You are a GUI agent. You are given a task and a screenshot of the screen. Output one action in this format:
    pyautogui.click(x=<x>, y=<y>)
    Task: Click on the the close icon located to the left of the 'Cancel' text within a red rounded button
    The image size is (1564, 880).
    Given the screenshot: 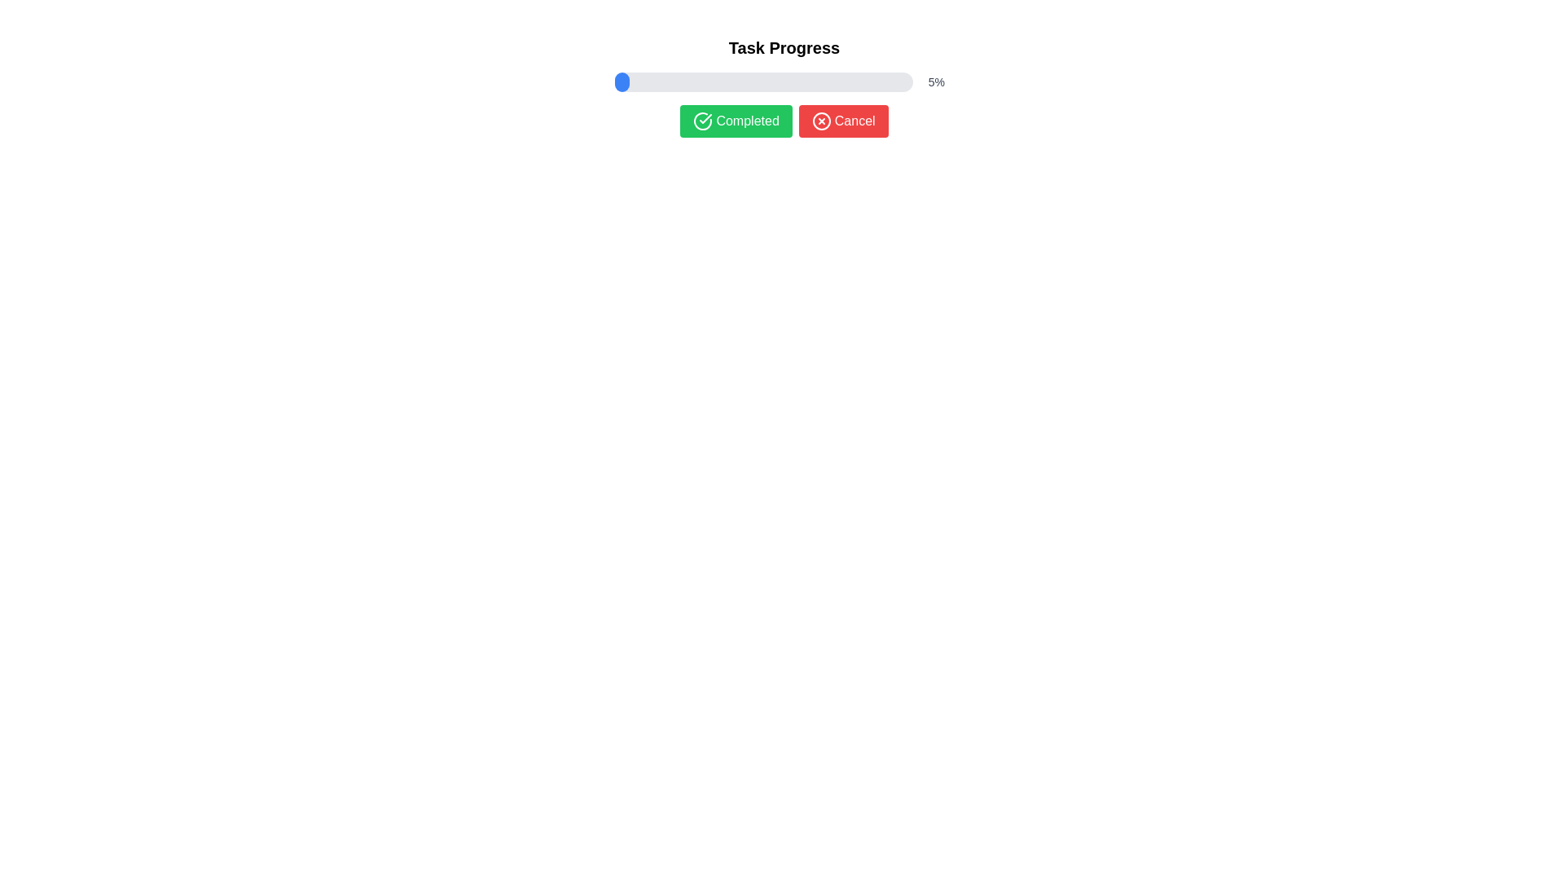 What is the action you would take?
    pyautogui.click(x=821, y=121)
    